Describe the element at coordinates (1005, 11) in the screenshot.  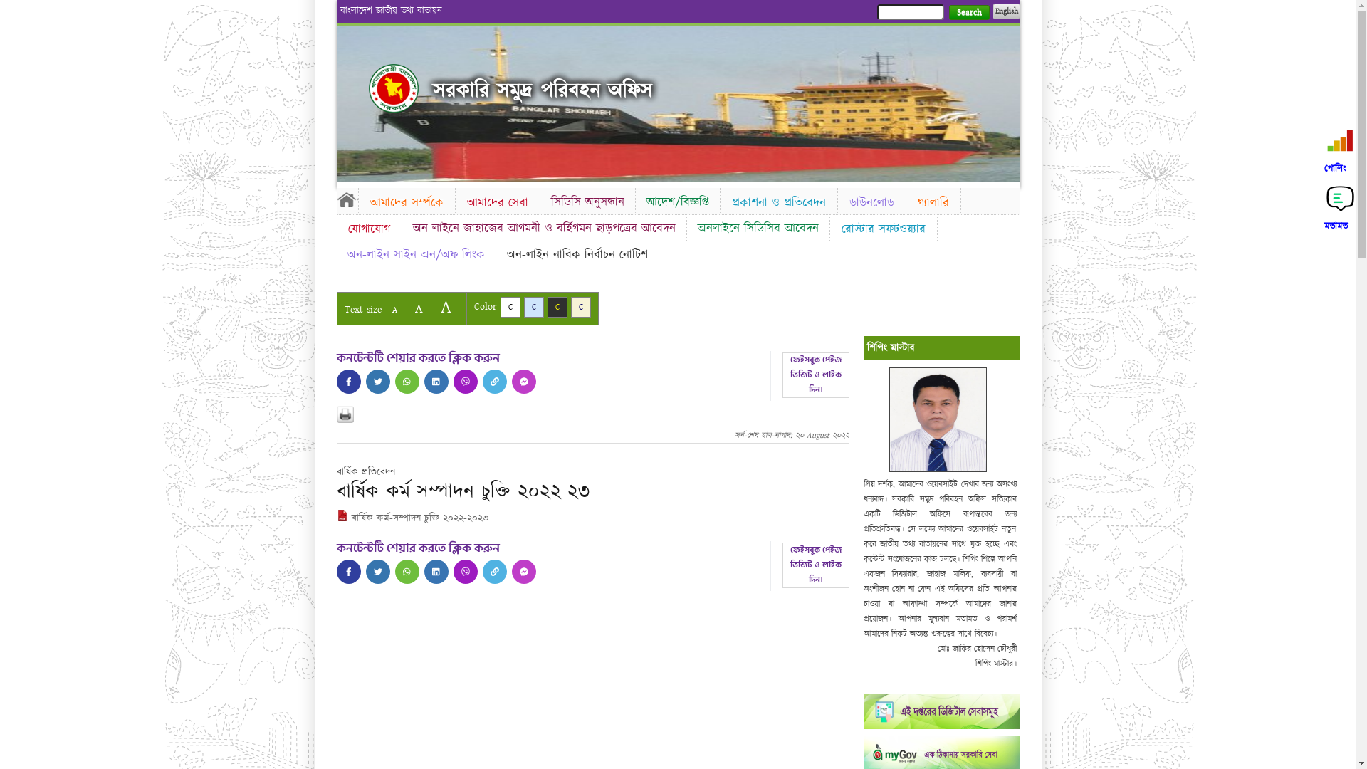
I see `'English'` at that location.